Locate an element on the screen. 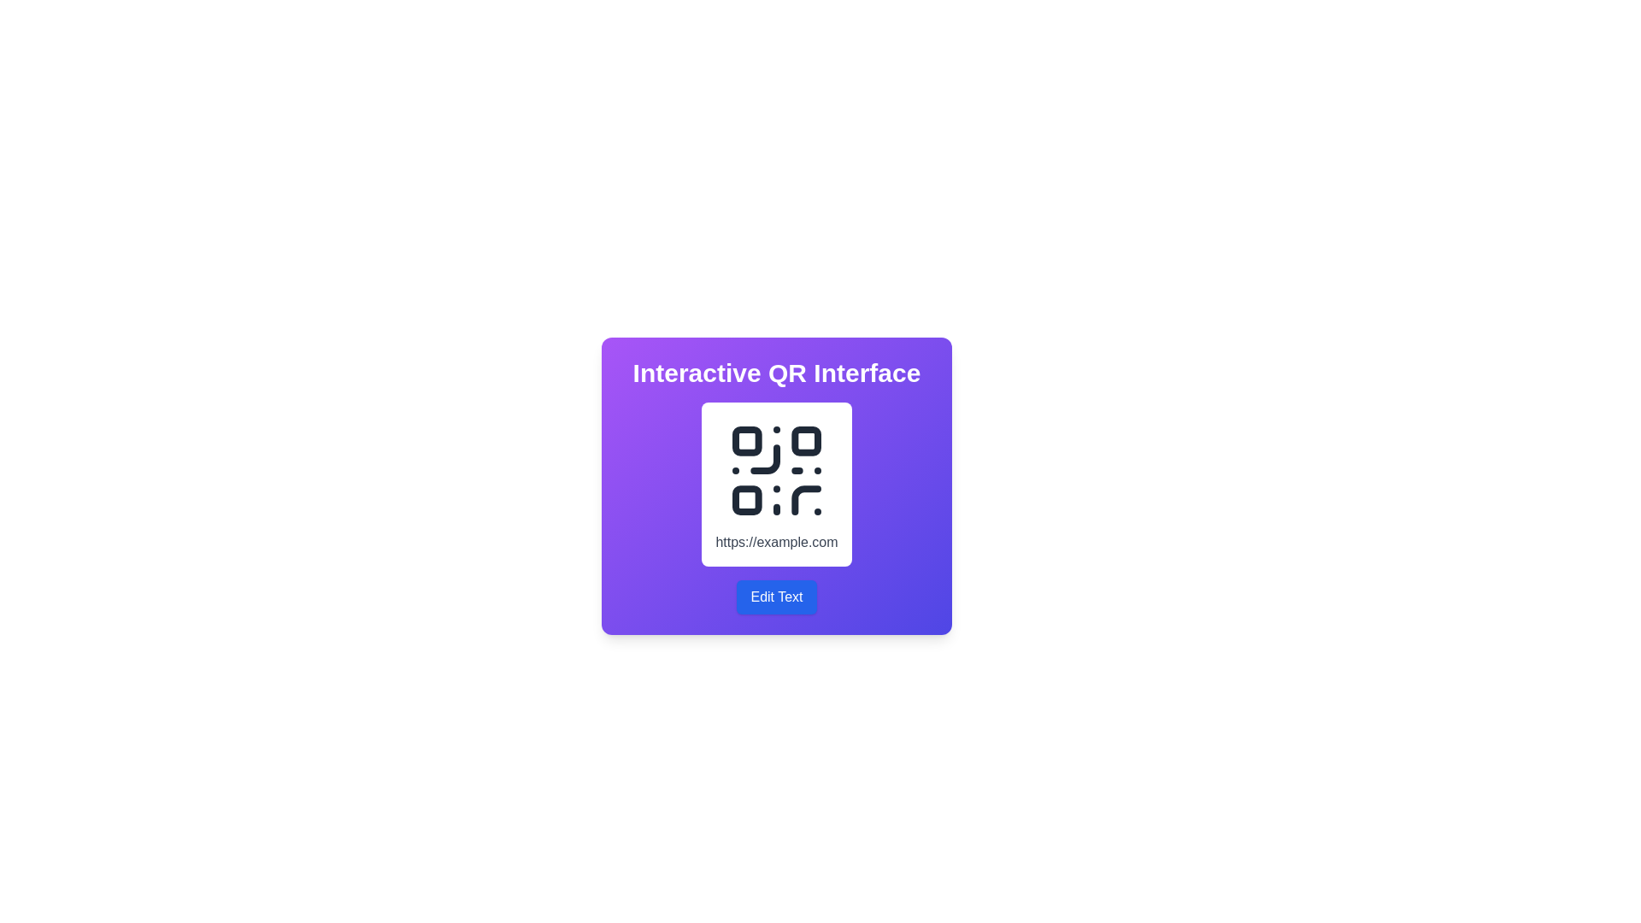 The height and width of the screenshot is (923, 1641). the centered header text labeled 'Interactive QR Interface' which has a bold appearance and a purple-to-indigo gradient background is located at coordinates (775, 372).